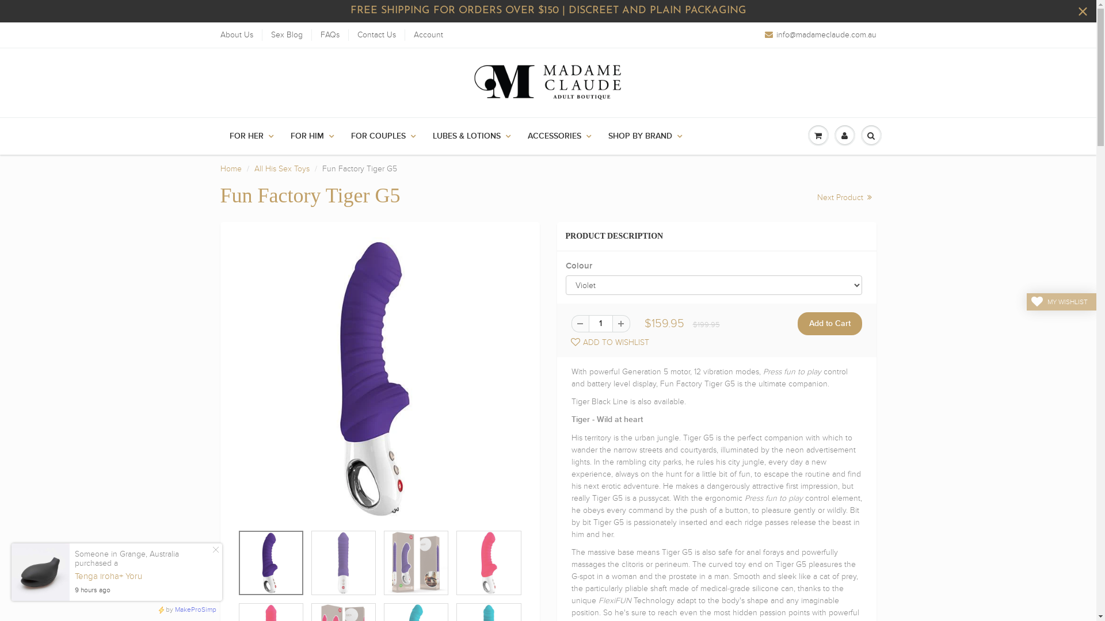 Image resolution: width=1105 pixels, height=621 pixels. What do you see at coordinates (329, 34) in the screenshot?
I see `'FAQs'` at bounding box center [329, 34].